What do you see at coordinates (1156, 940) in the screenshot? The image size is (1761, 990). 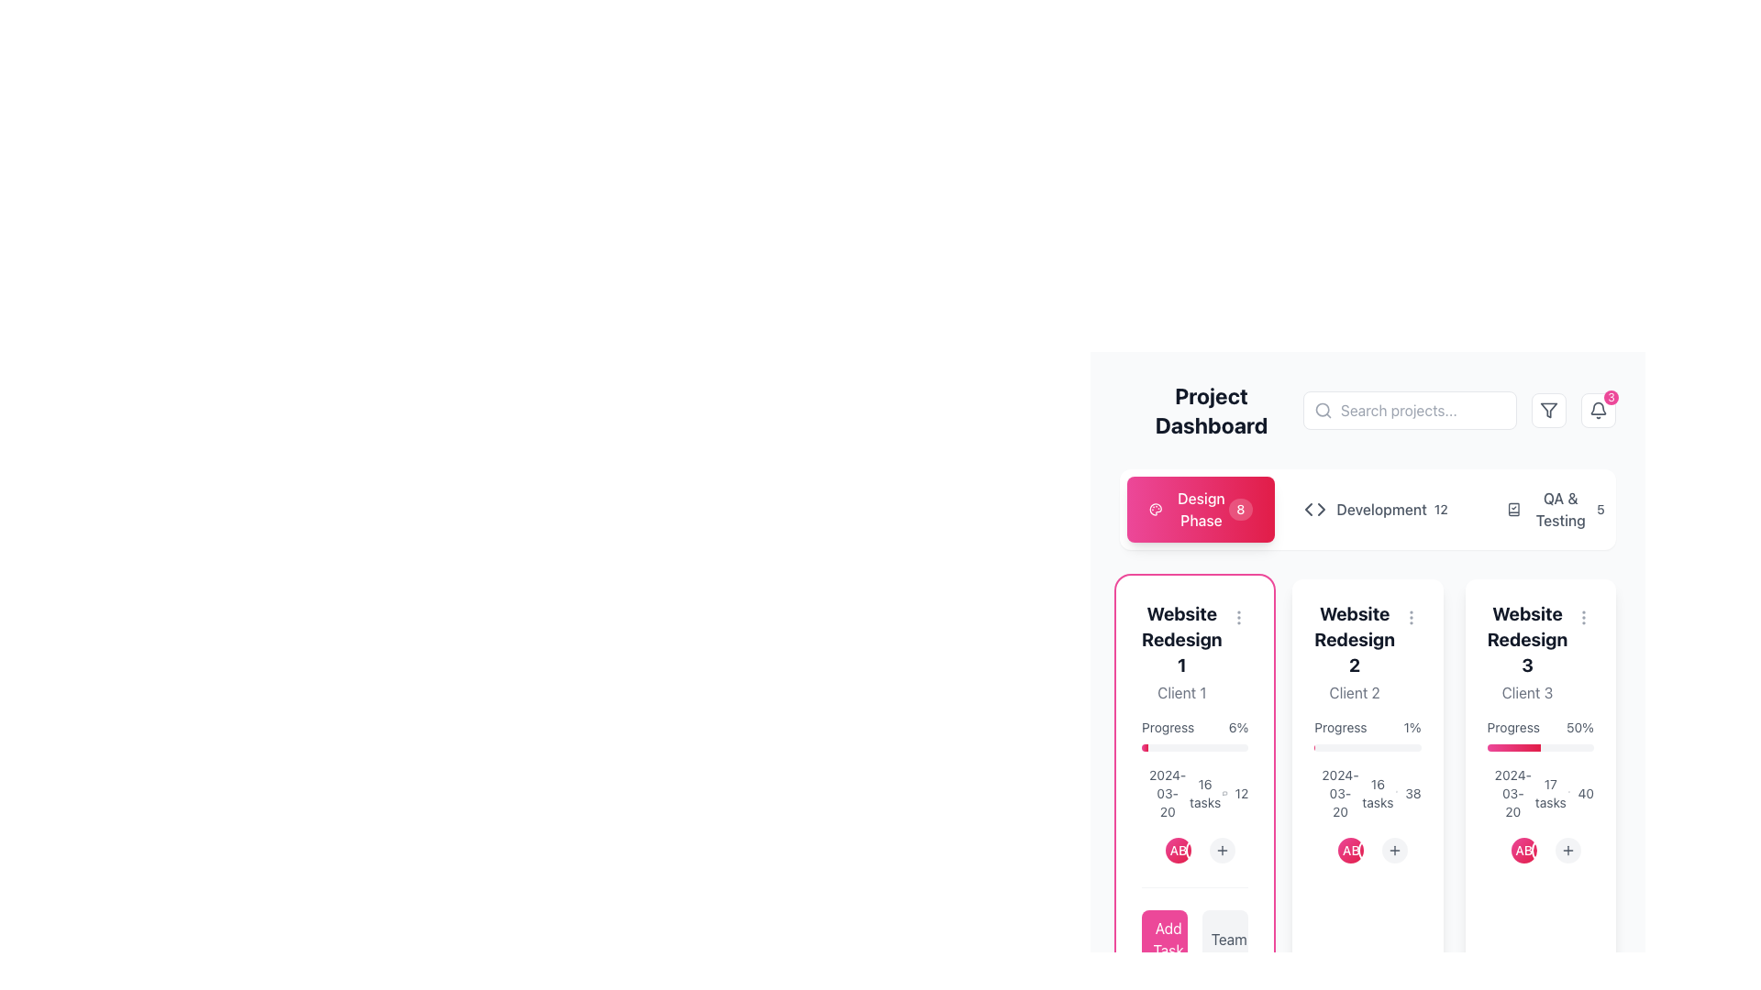 I see `the unfilled circular SVG element with a stroke that is part of the 'Add' or 'Create' feature in the card titled 'Website Redesign 1'` at bounding box center [1156, 940].